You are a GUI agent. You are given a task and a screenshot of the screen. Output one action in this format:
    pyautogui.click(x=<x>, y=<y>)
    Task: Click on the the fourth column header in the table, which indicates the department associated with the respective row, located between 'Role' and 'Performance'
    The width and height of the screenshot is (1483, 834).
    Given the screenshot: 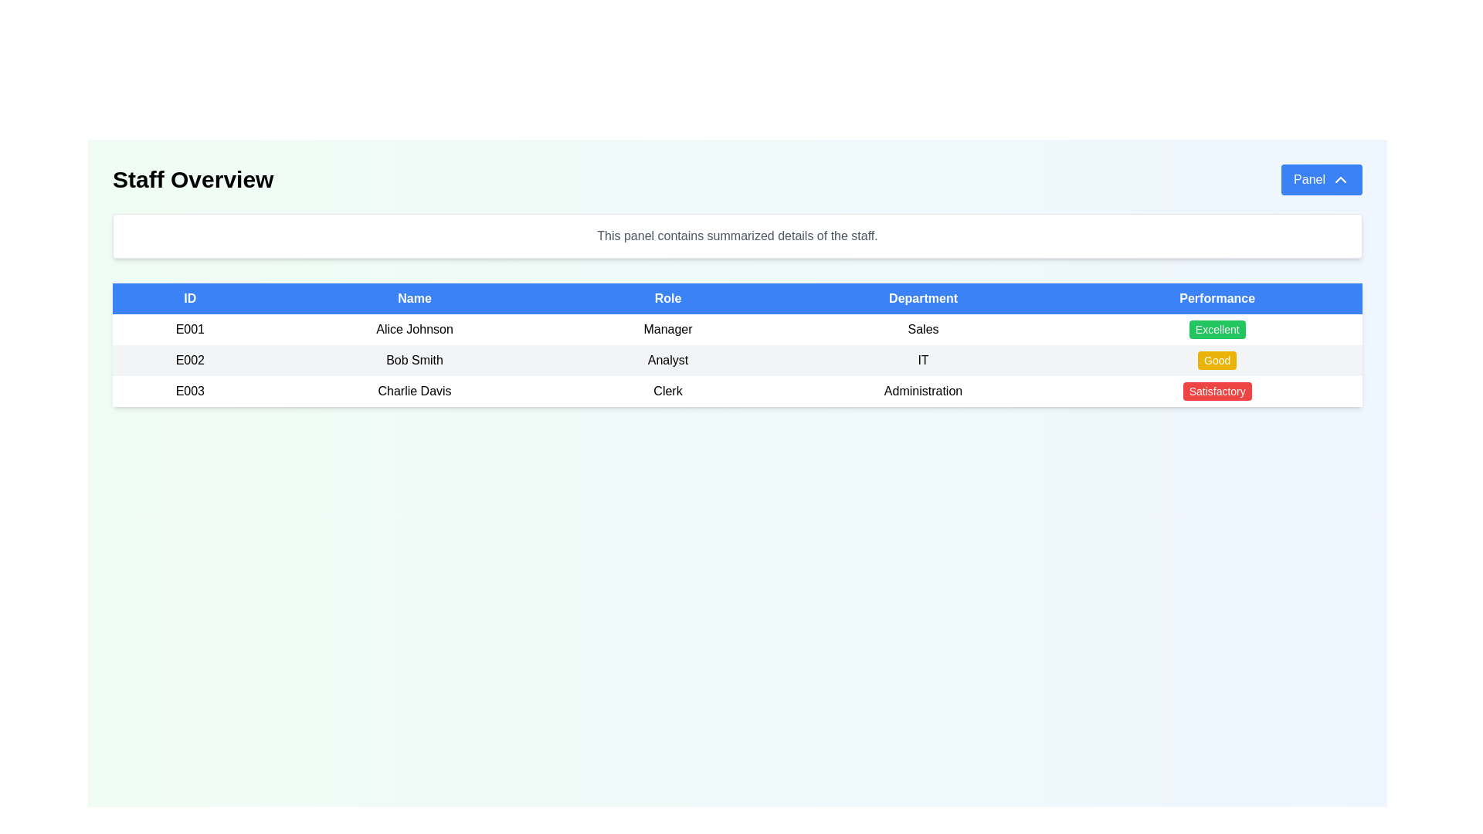 What is the action you would take?
    pyautogui.click(x=923, y=298)
    